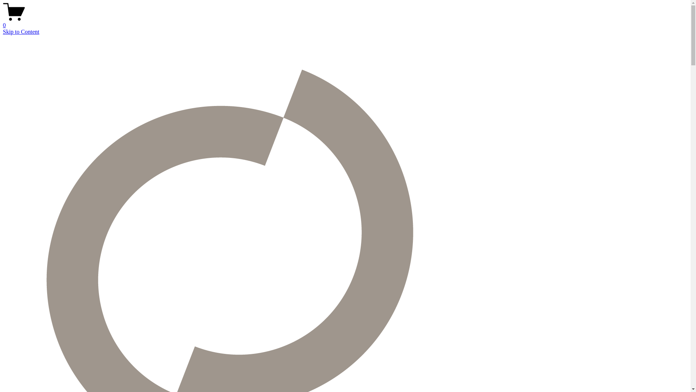 The image size is (696, 392). I want to click on 'Skip to Content', so click(21, 31).